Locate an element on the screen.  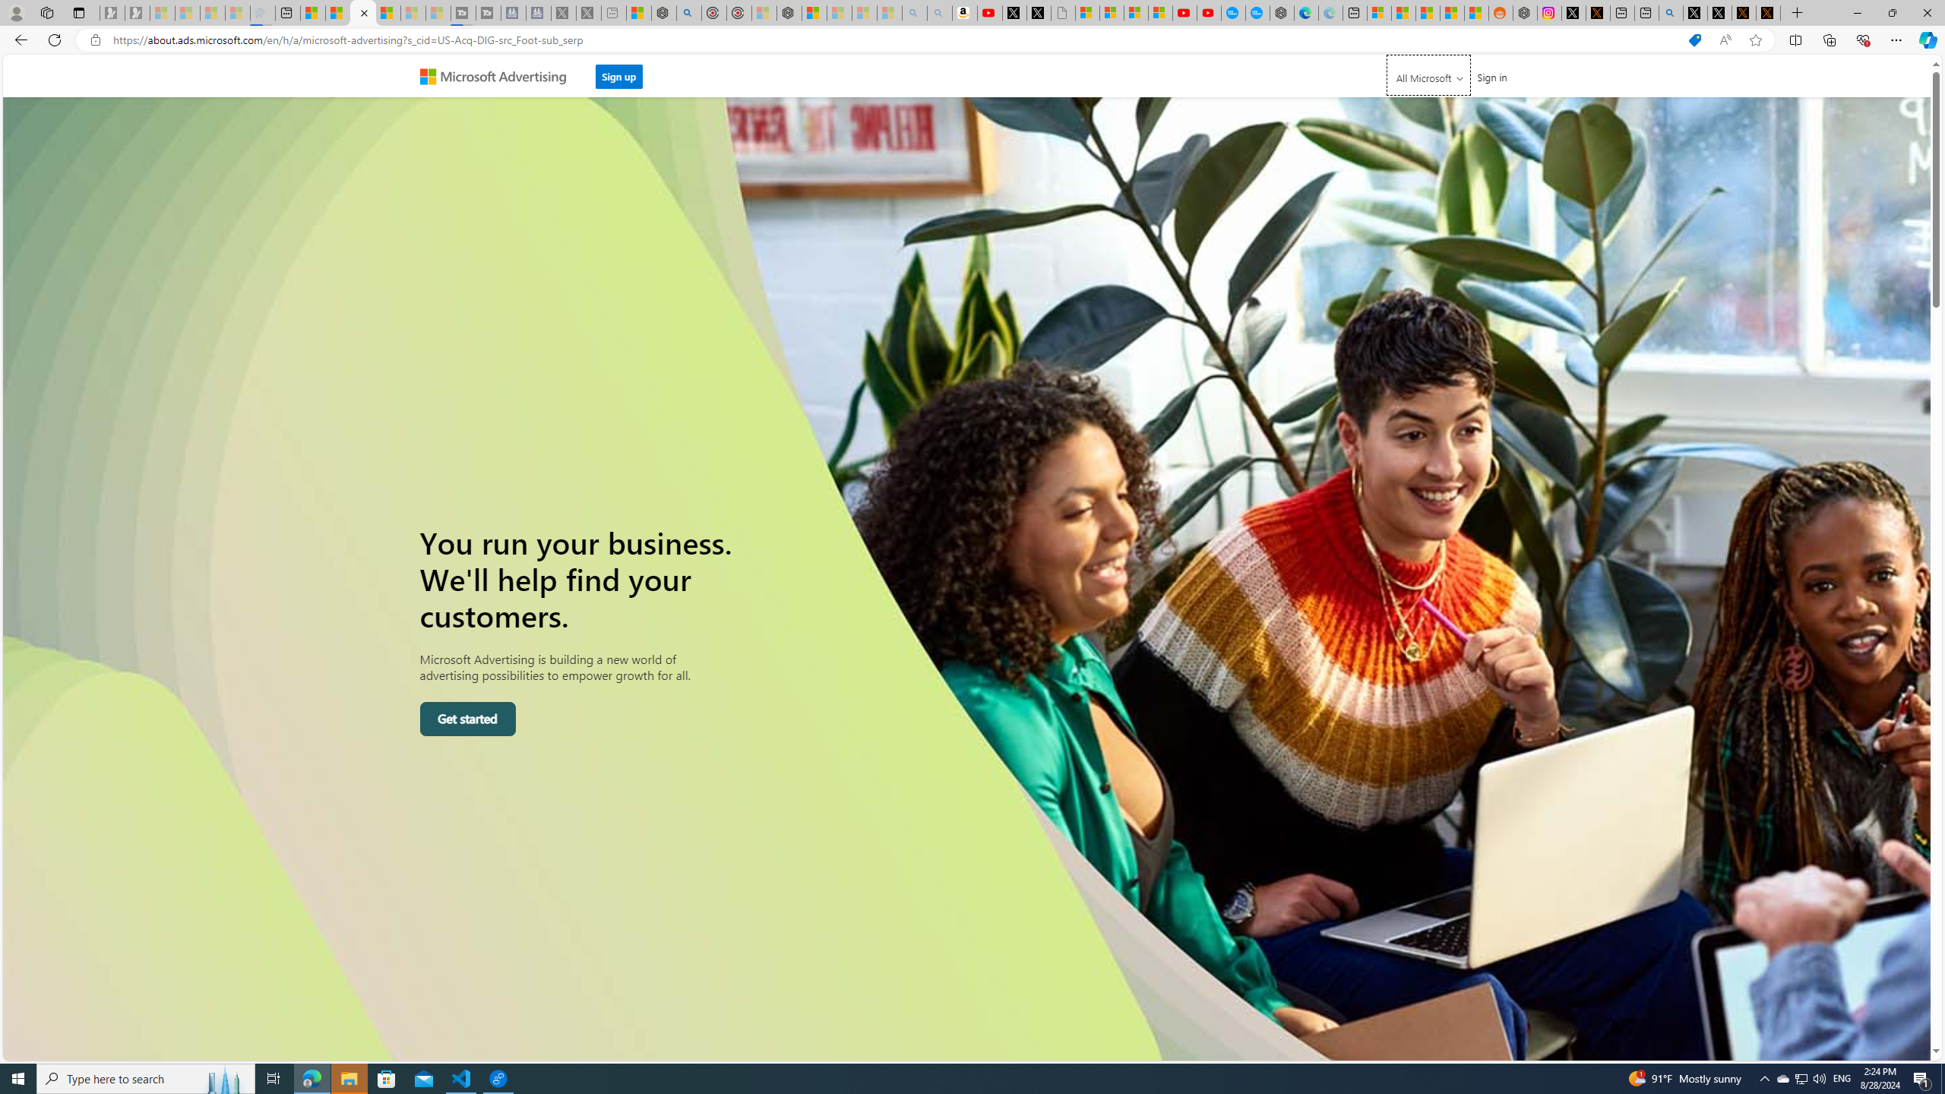
'amazon - Search - Sleeping' is located at coordinates (914, 12).